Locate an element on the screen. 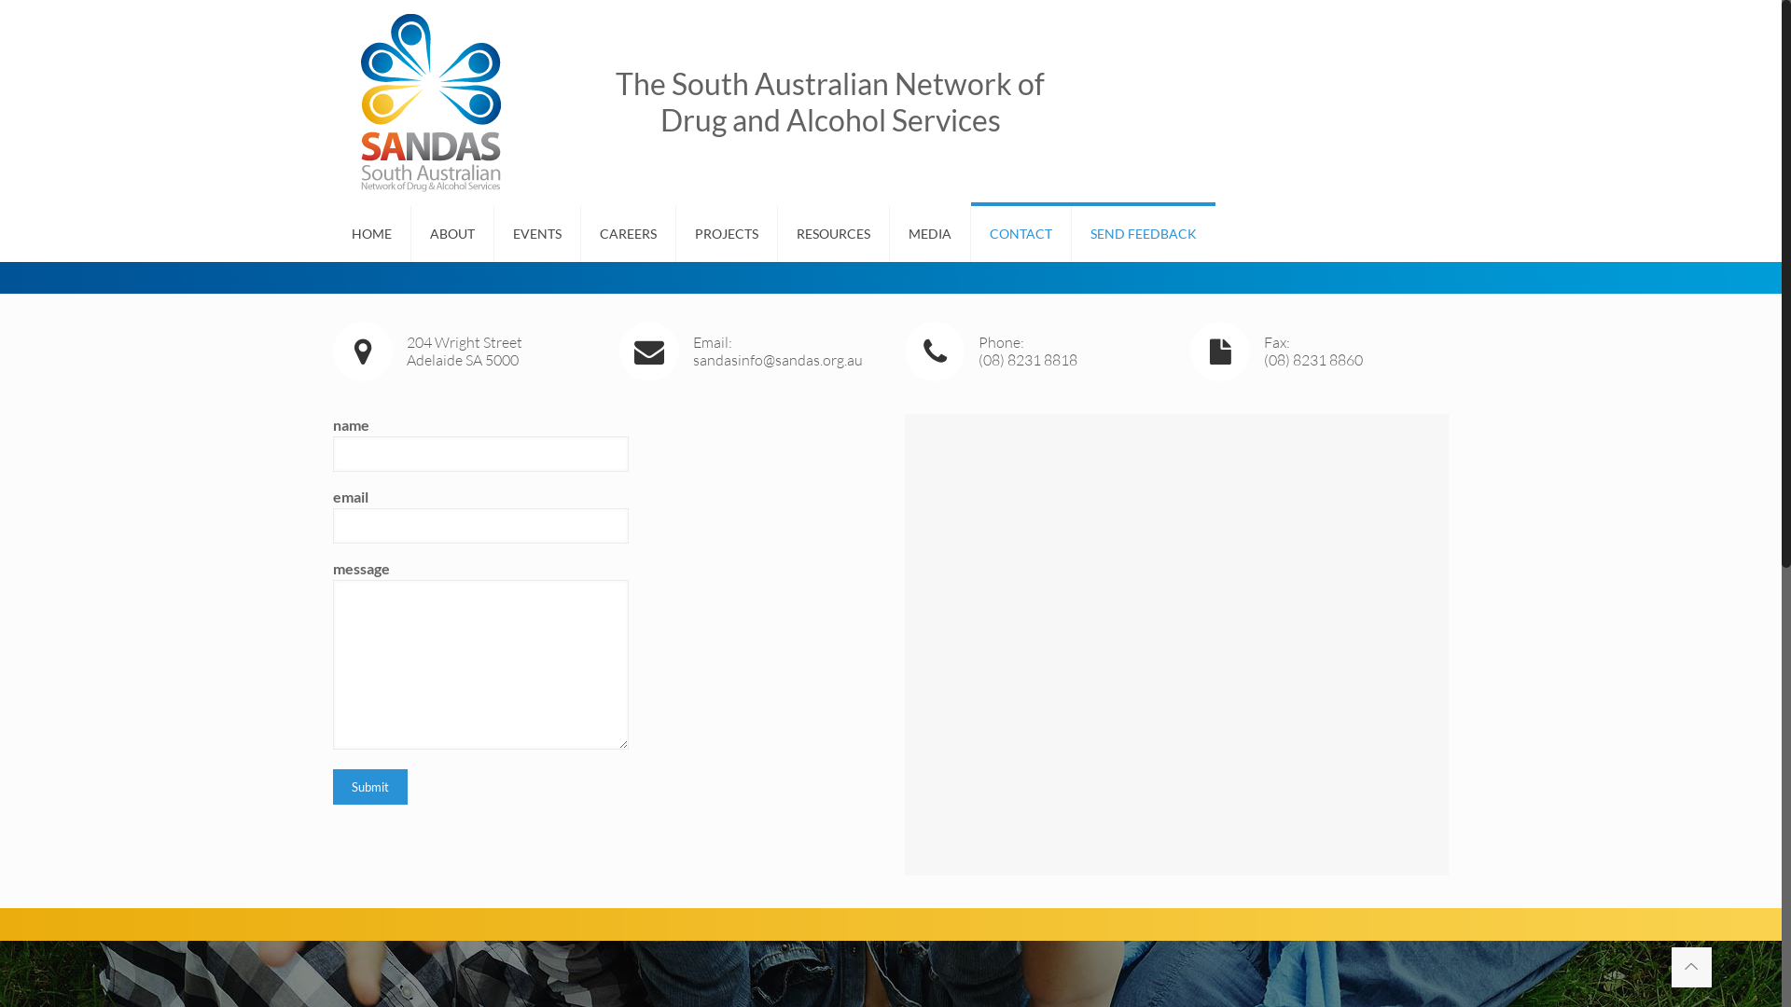 This screenshot has width=1791, height=1007. 'EVENTS' is located at coordinates (536, 232).